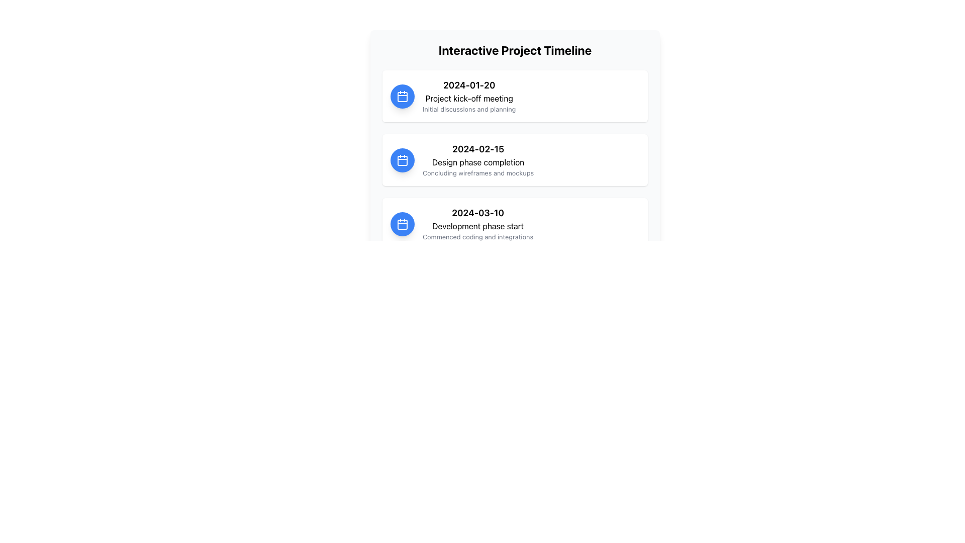  I want to click on text displayed in the third card of the vertical timeline layout, which includes a date, phase name, and additional details, so click(477, 223).